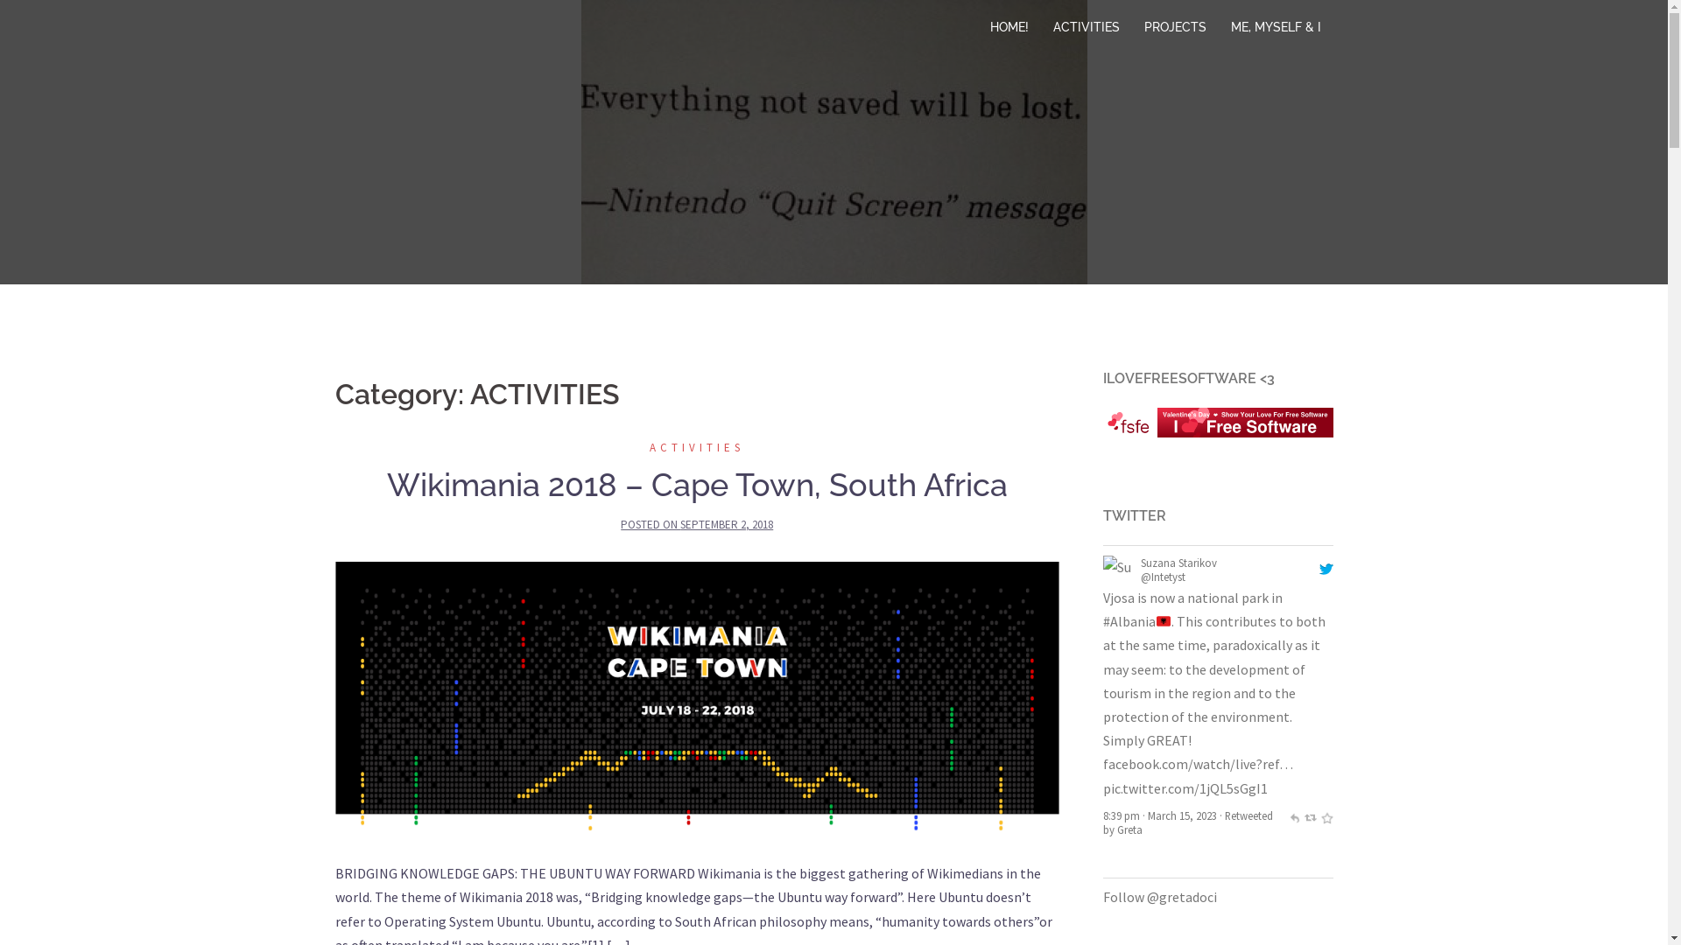  I want to click on 'Retweeted by Greta', so click(1101, 751).